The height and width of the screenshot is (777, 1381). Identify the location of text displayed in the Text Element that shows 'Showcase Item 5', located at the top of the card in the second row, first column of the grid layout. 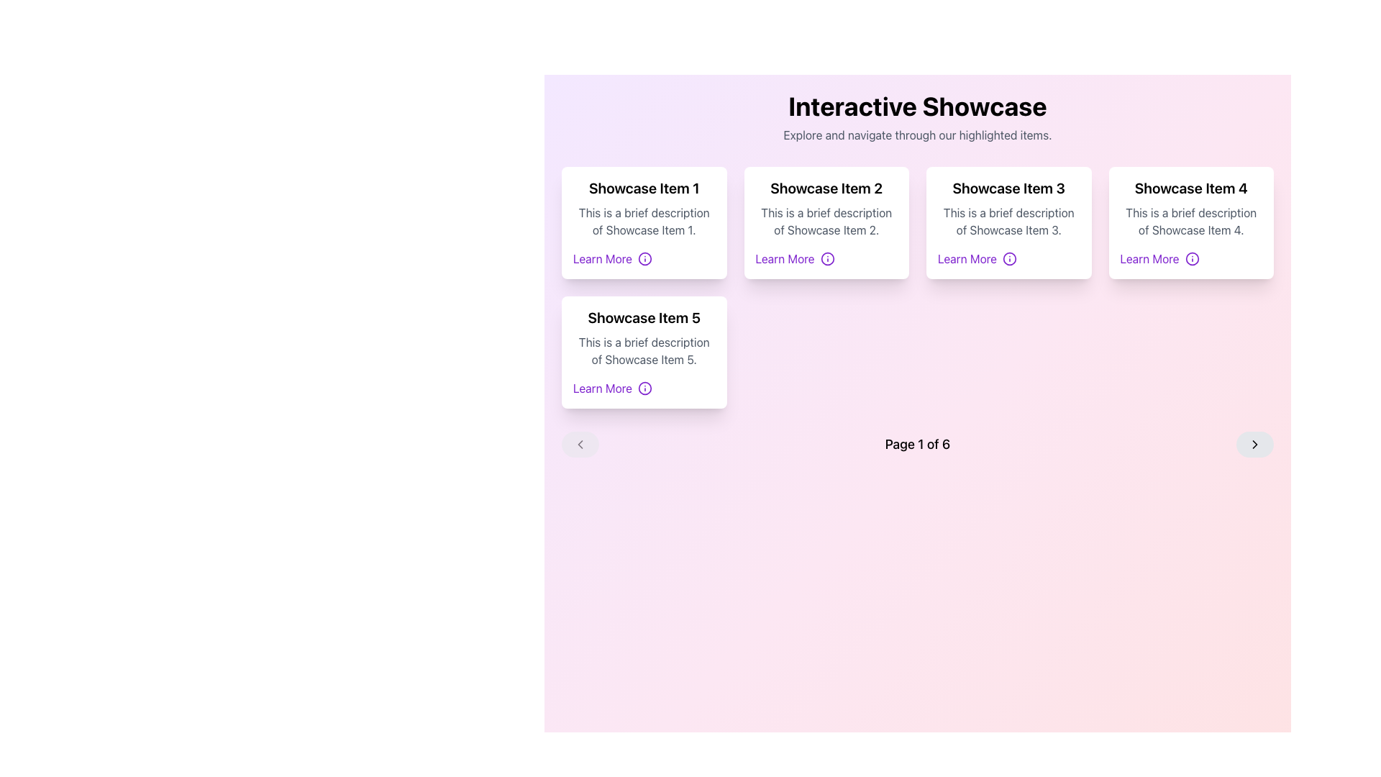
(643, 317).